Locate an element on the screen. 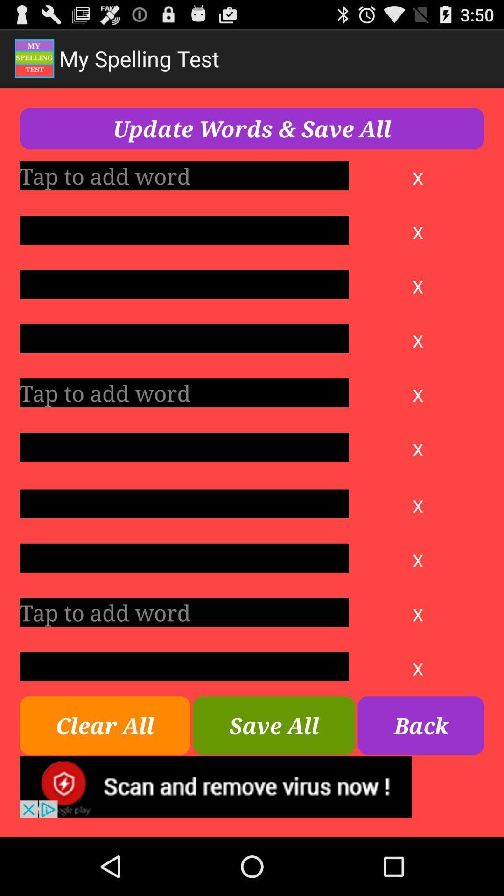 The height and width of the screenshot is (896, 504). one box is located at coordinates (184, 503).